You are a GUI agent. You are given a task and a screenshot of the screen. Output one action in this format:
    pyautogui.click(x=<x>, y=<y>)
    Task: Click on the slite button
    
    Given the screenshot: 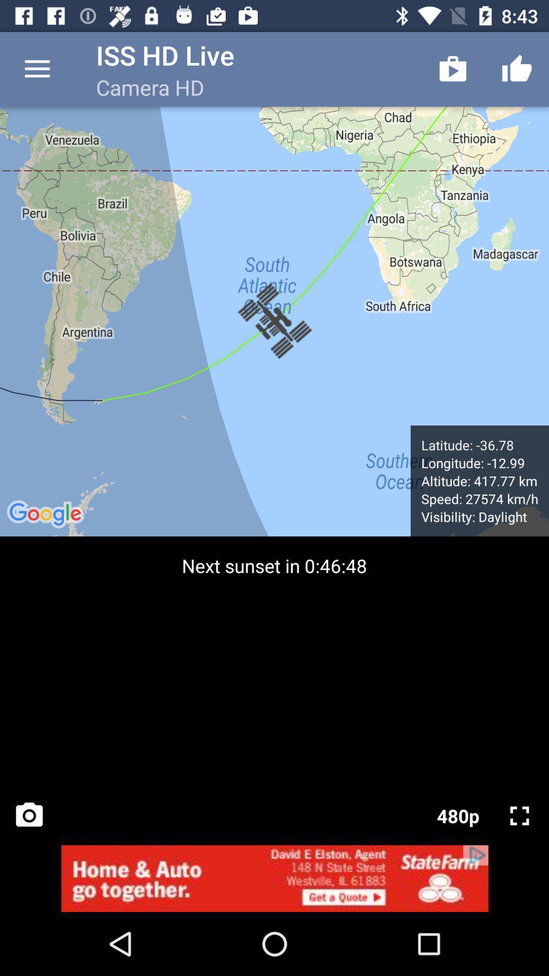 What is the action you would take?
    pyautogui.click(x=520, y=815)
    